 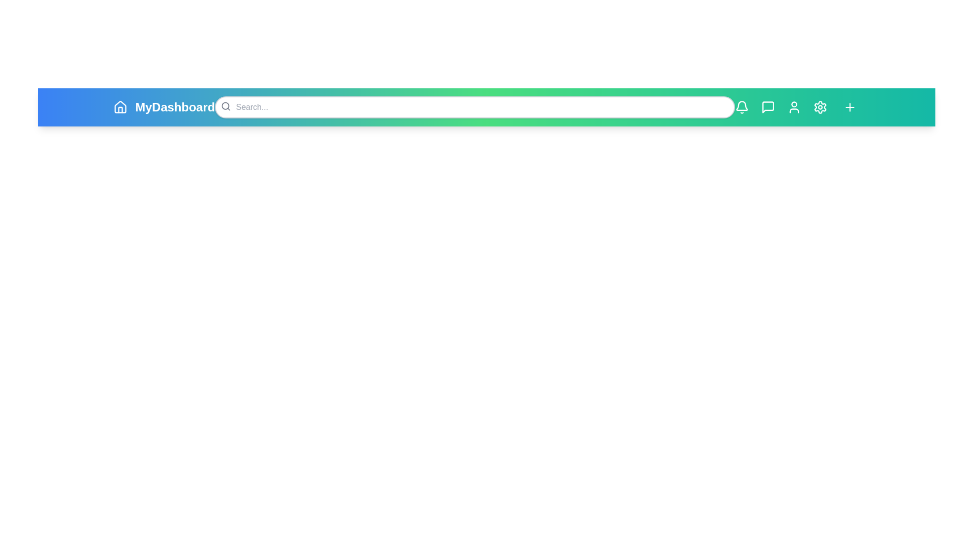 I want to click on the settings gear icon to access the settings, so click(x=820, y=107).